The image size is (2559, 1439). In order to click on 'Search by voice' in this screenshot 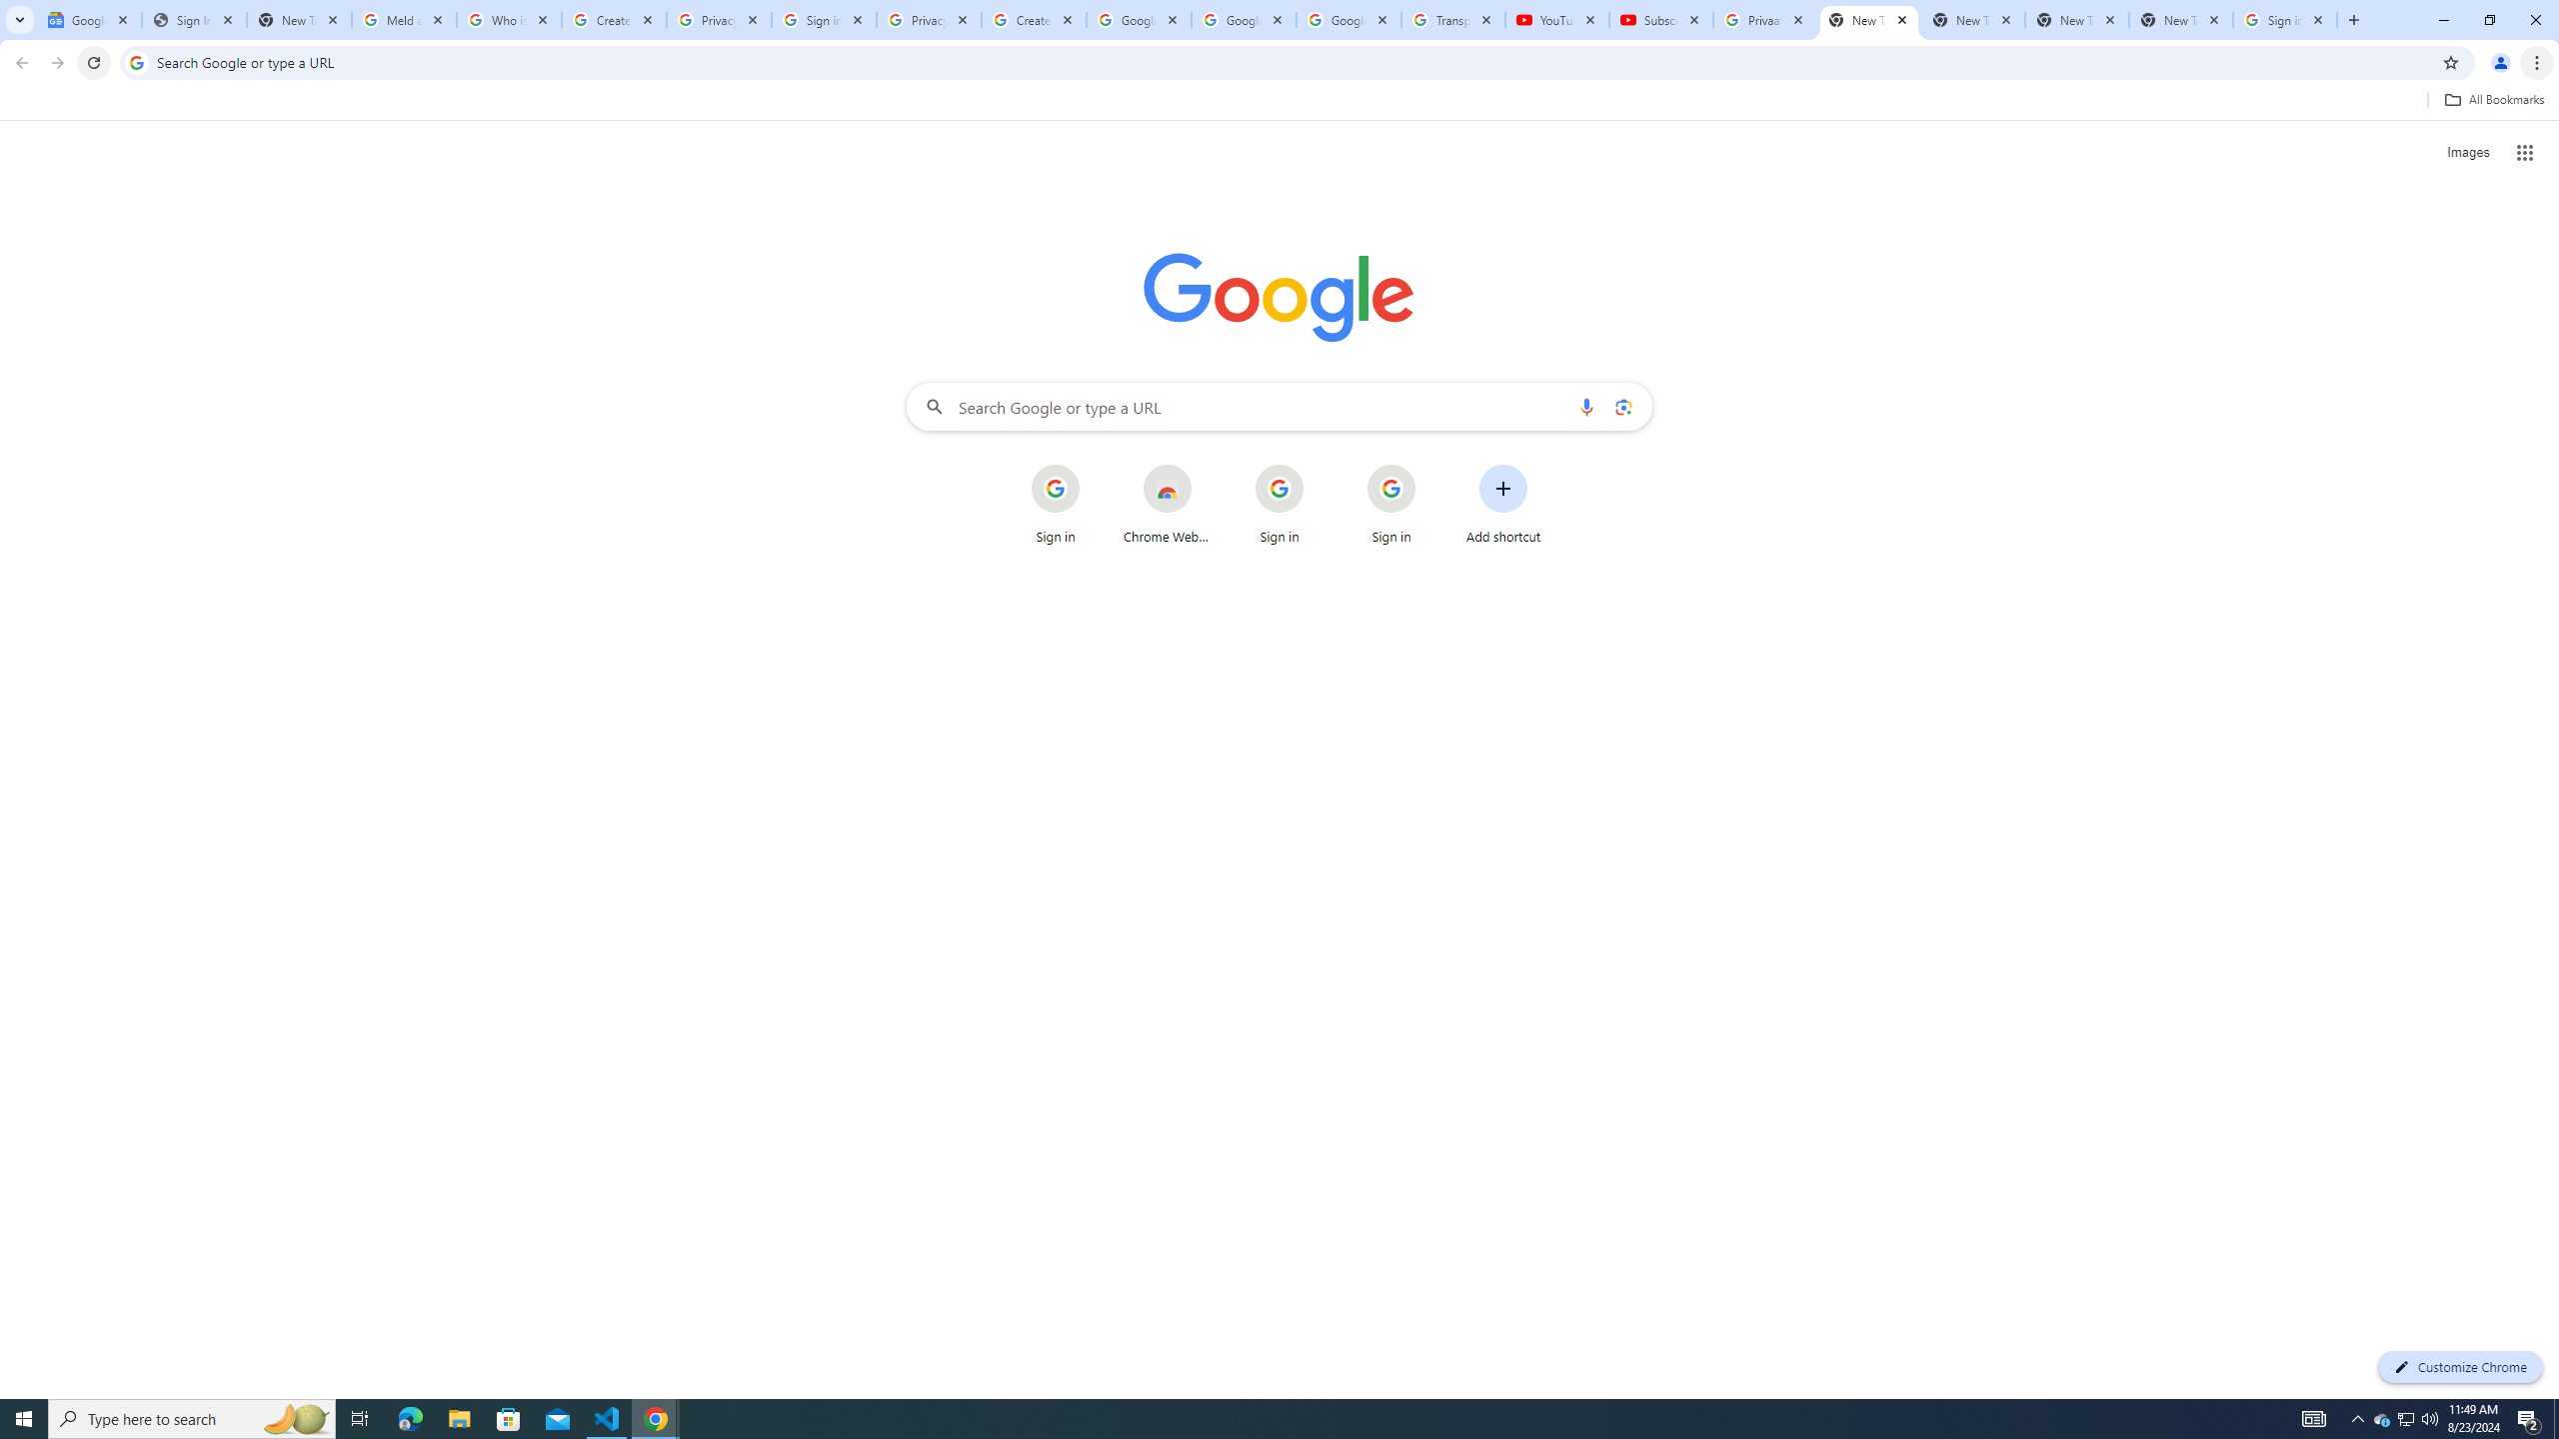, I will do `click(1585, 405)`.